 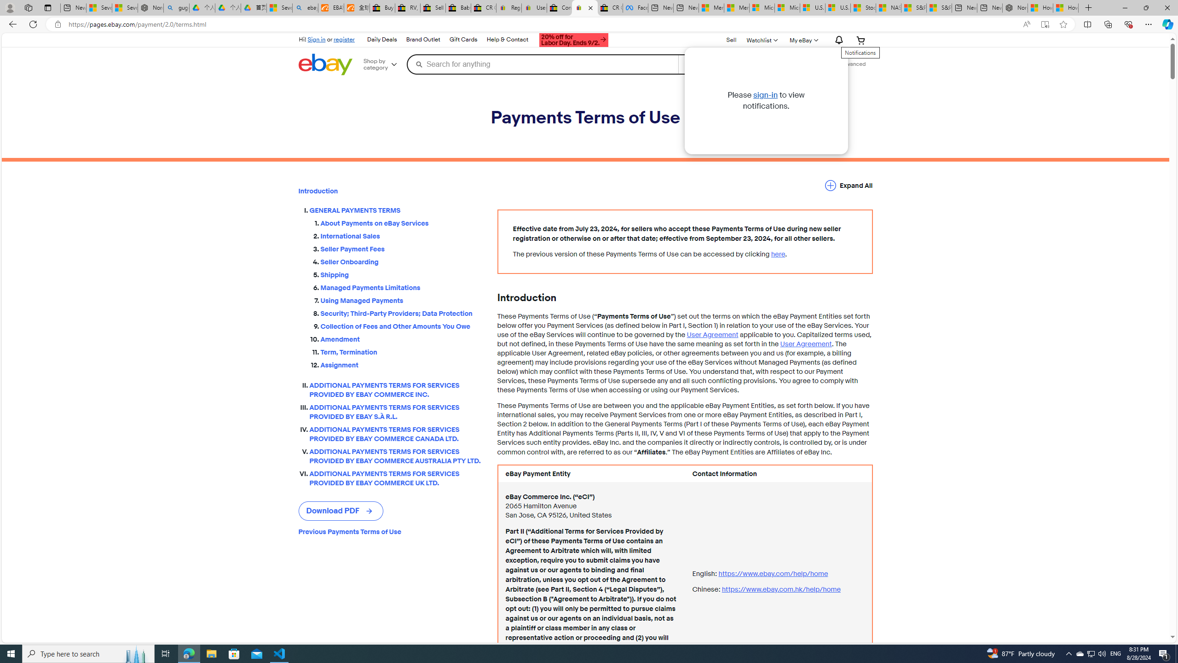 What do you see at coordinates (407, 7) in the screenshot?
I see `'RV, Trailer & Camper Steps & Ladders for sale | eBay'` at bounding box center [407, 7].